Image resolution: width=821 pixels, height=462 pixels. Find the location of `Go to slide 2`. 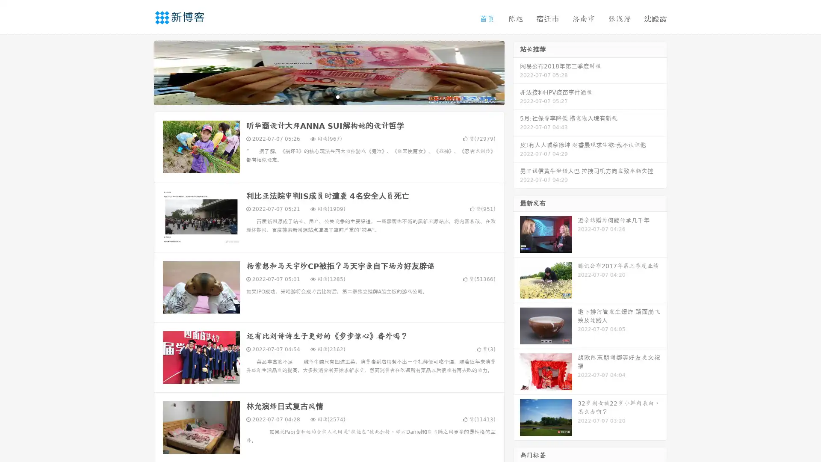

Go to slide 2 is located at coordinates (328, 96).